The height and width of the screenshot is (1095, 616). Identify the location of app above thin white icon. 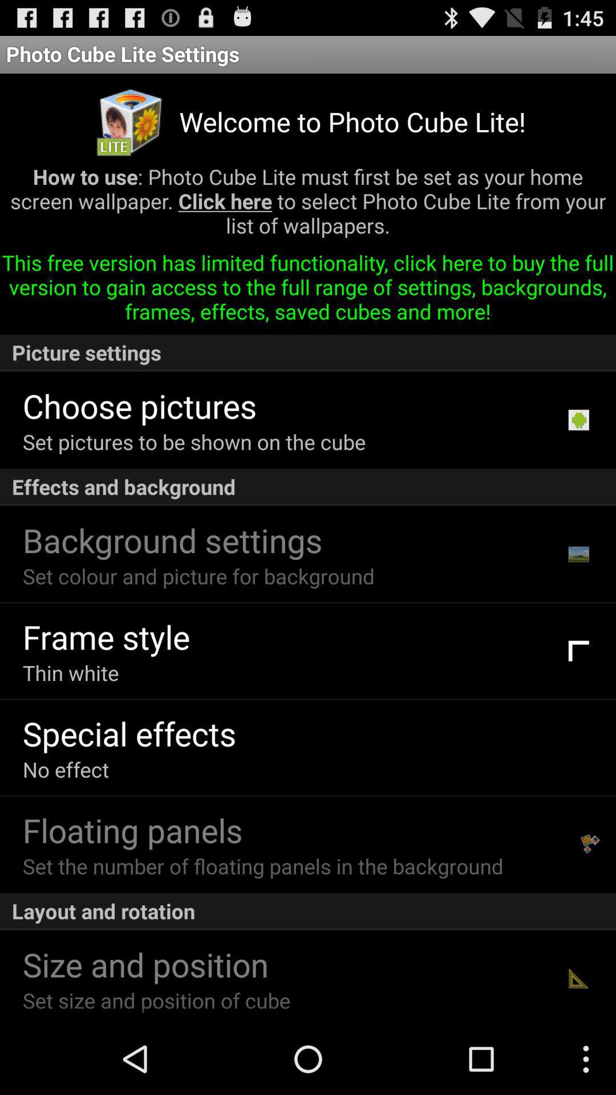
(106, 636).